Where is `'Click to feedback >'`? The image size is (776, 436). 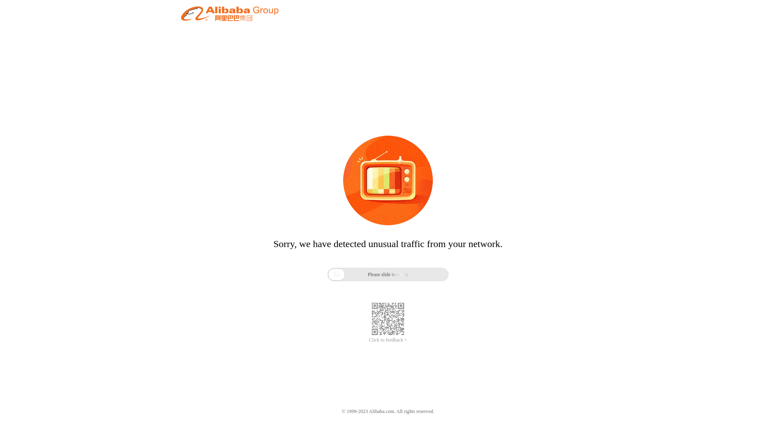
'Click to feedback >' is located at coordinates (388, 340).